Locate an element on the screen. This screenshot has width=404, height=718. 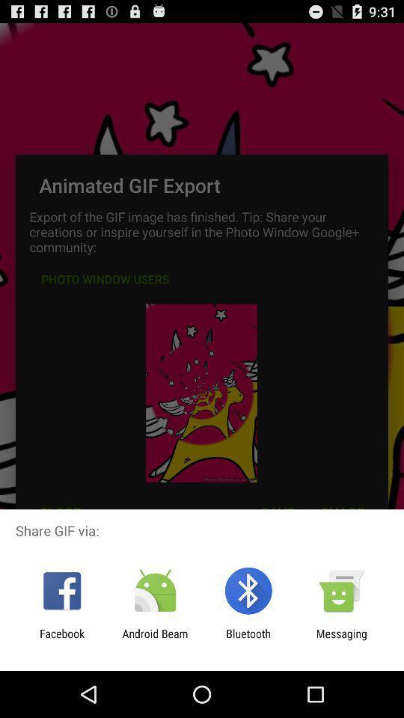
the item to the right of the bluetooth is located at coordinates (341, 639).